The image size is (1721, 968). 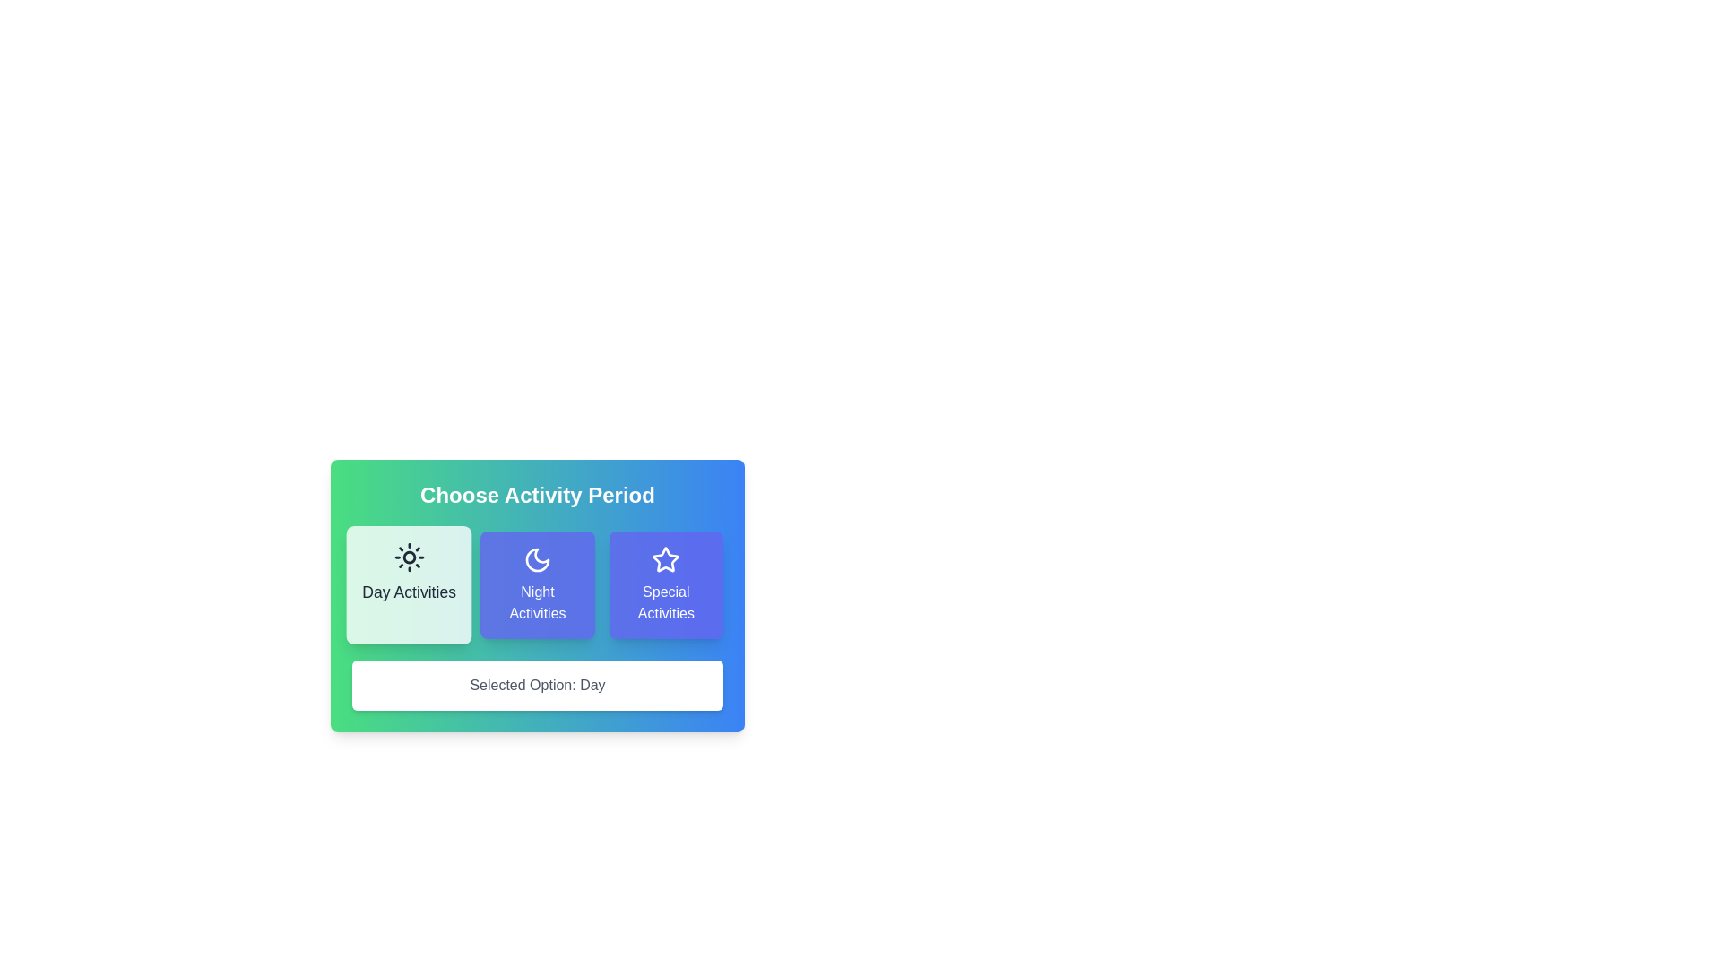 What do you see at coordinates (537, 558) in the screenshot?
I see `the circular moon icon with a crescent shape inside, which is located centrally in the blue square box of the 'Night Activities' button` at bounding box center [537, 558].